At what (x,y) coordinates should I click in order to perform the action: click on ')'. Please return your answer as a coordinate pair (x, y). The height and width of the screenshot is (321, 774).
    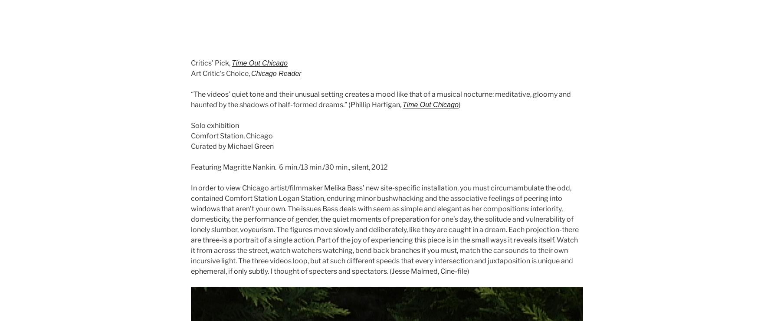
    Looking at the image, I should click on (459, 105).